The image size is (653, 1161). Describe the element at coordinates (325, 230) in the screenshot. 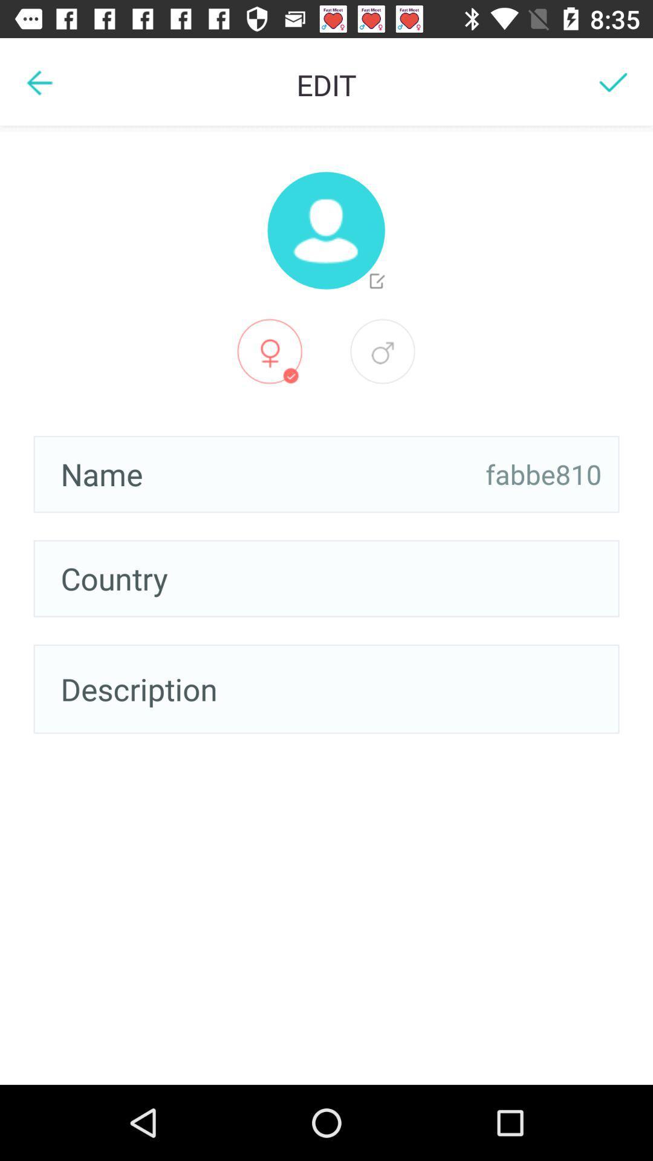

I see `a profile photo` at that location.